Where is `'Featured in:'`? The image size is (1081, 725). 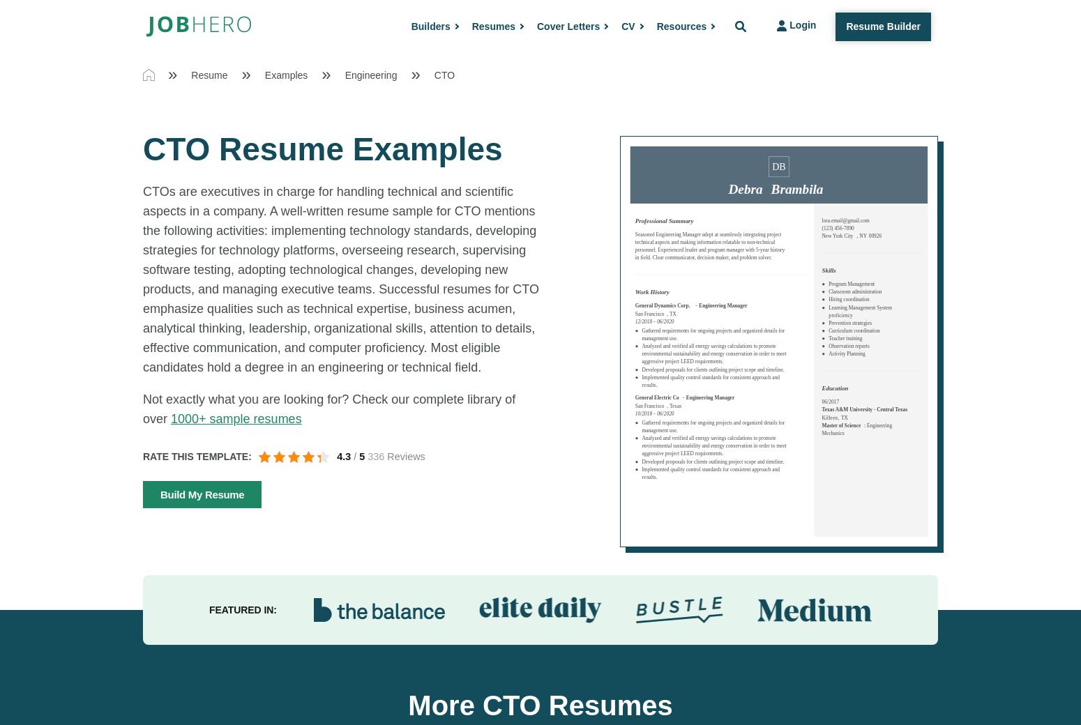
'Featured in:' is located at coordinates (241, 609).